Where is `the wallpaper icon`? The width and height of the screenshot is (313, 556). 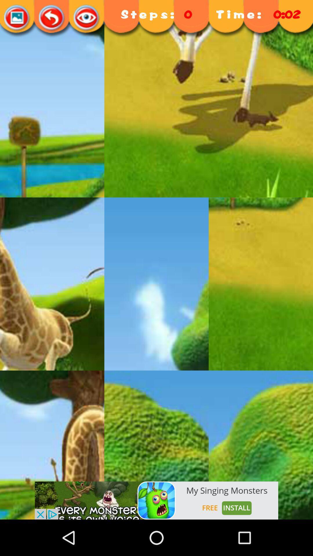
the wallpaper icon is located at coordinates (17, 18).